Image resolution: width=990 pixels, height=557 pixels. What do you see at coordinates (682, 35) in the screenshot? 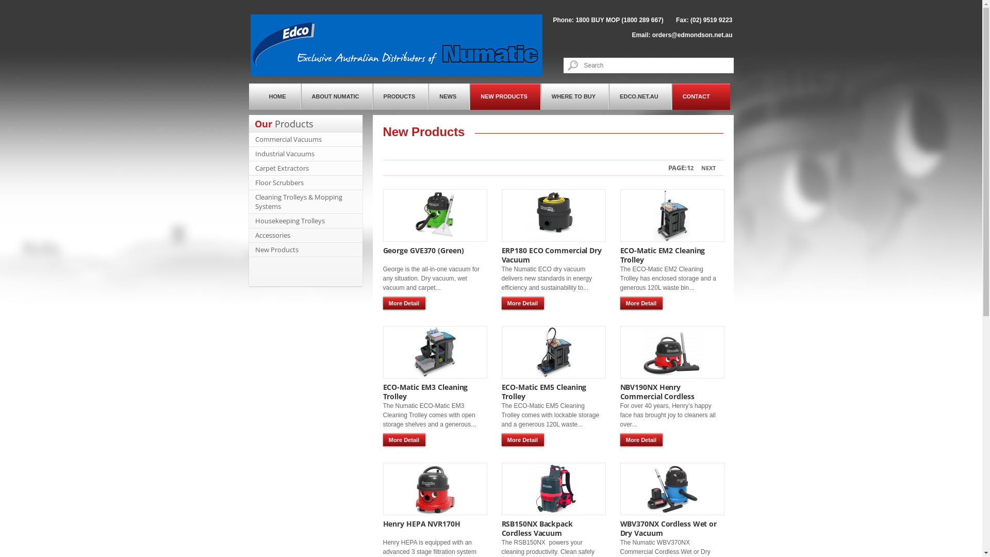
I see `'Email: orders@edmondson.net.au'` at bounding box center [682, 35].